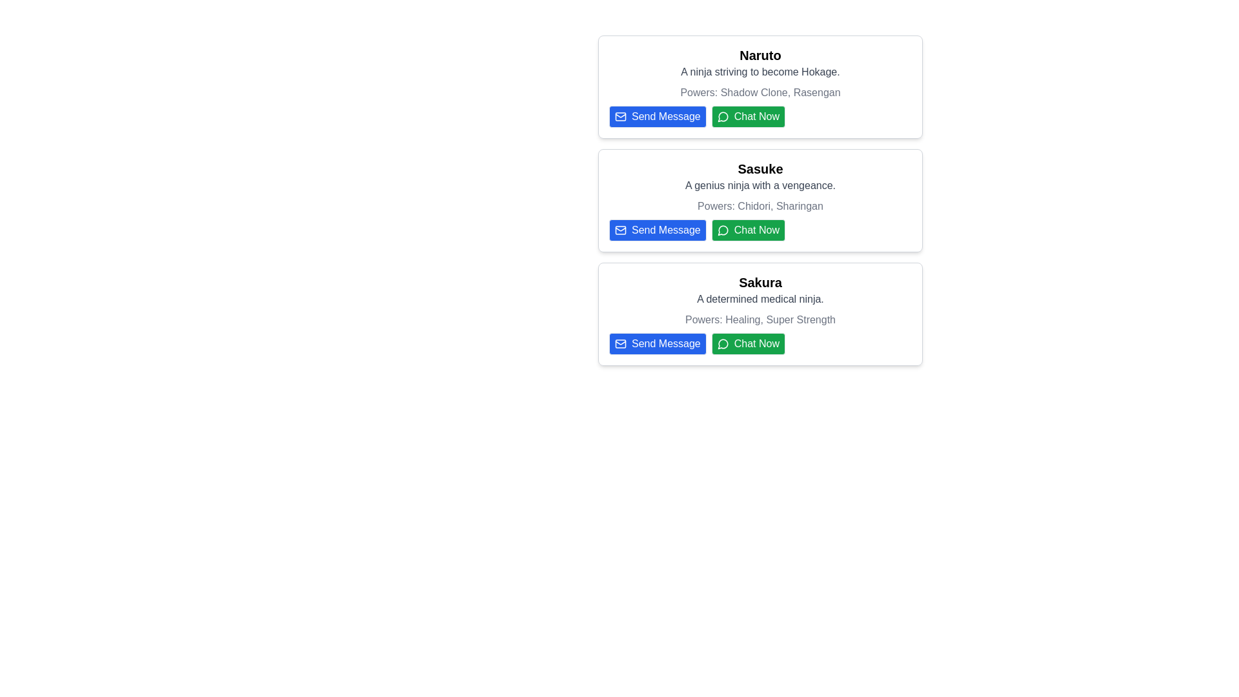  I want to click on the static text label that reads 'A ninja striving to become Hokage.', which is styled in a smaller gray font and positioned below the title 'Naruto', so click(760, 72).